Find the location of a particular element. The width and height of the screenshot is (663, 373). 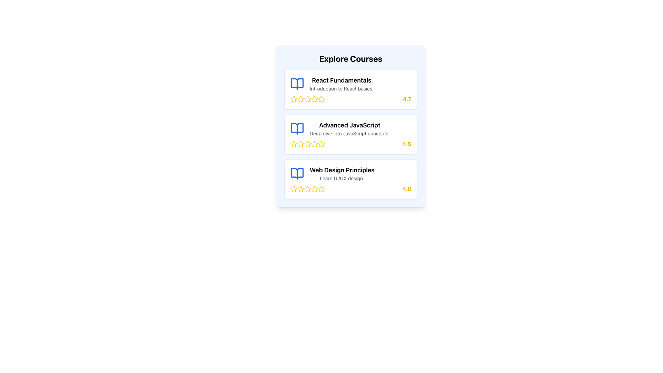

fifth yellow star icon in the rating display of the 'React Fundamentals' course card for details is located at coordinates (307, 99).